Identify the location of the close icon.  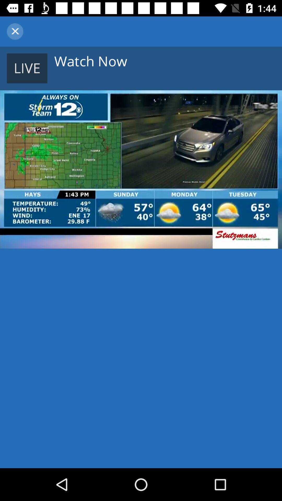
(15, 31).